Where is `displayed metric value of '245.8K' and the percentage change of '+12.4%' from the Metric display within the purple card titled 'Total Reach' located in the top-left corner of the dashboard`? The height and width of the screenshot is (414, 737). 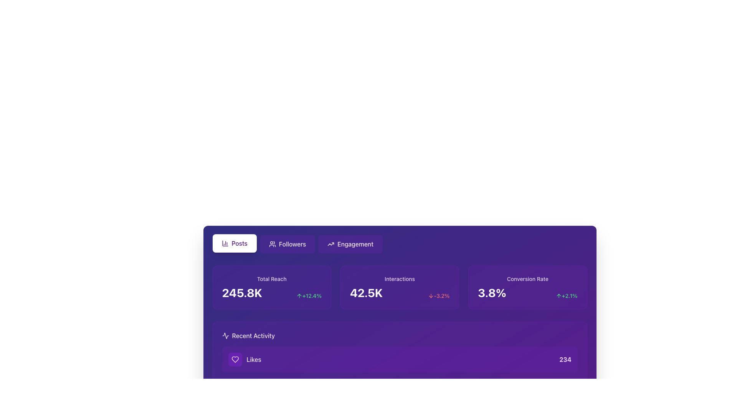 displayed metric value of '245.8K' and the percentage change of '+12.4%' from the Metric display within the purple card titled 'Total Reach' located in the top-left corner of the dashboard is located at coordinates (272, 292).